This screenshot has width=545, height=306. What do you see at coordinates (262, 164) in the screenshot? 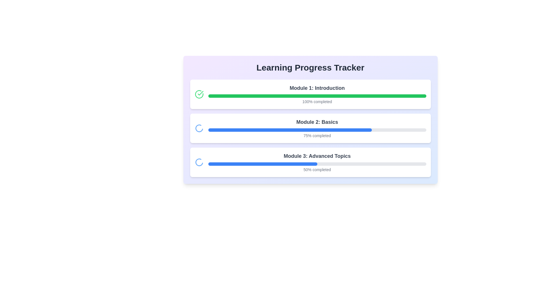
I see `the progress indicator (visual fill) within the progress bar of the 'Module 3: Advanced Topics' card, which is a solid blue elongated rectangle representing 50% progress` at bounding box center [262, 164].